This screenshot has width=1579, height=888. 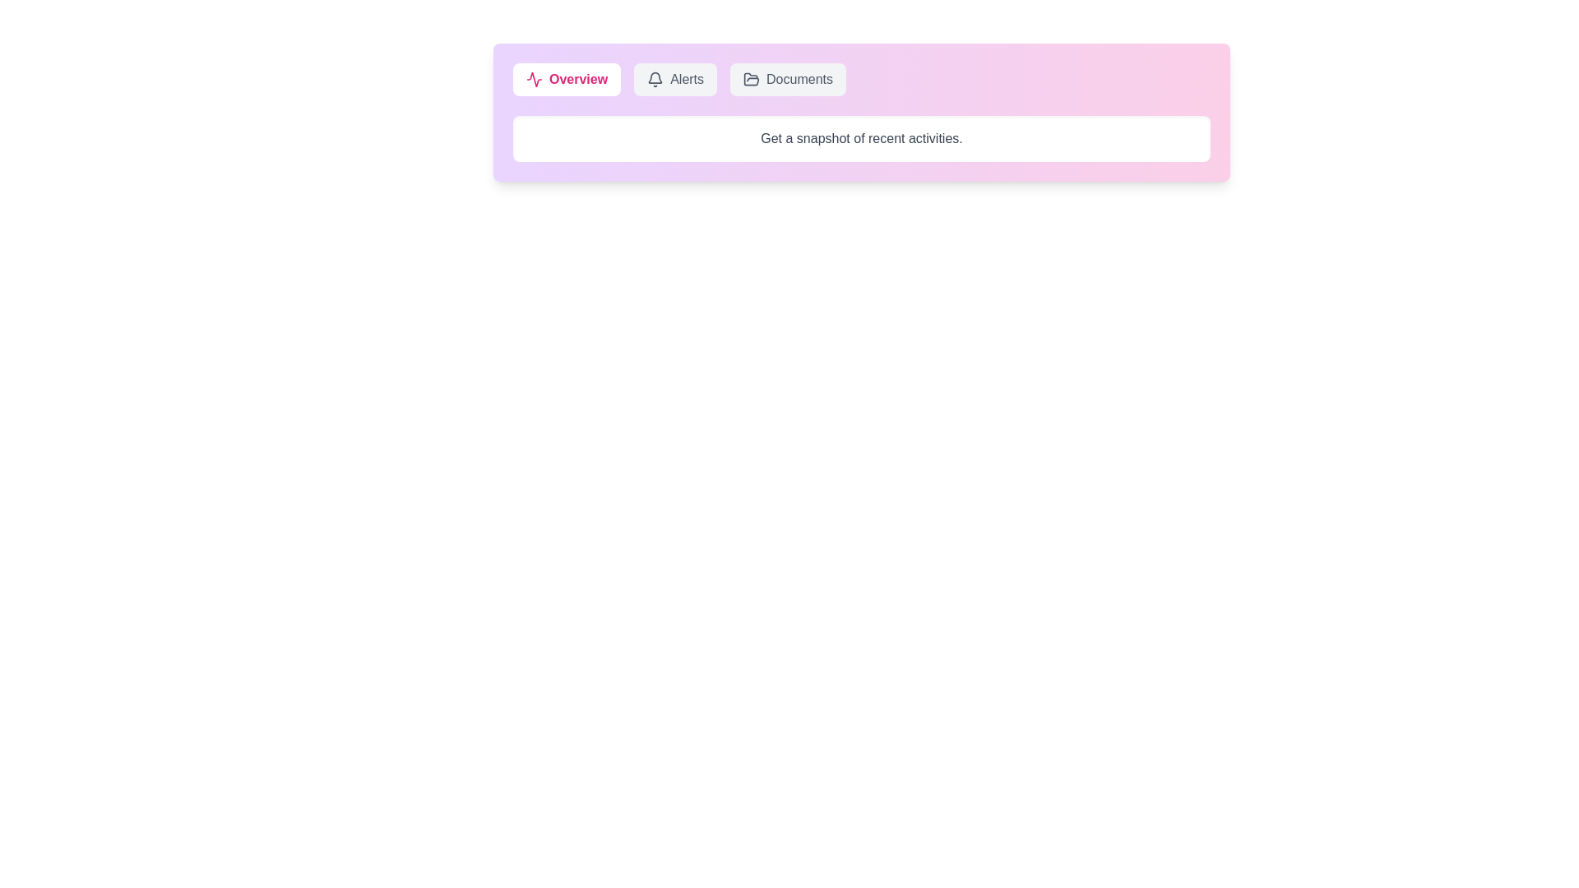 I want to click on the Documents tab to view its content, so click(x=787, y=79).